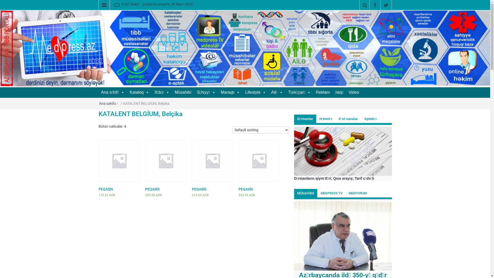 This screenshot has height=278, width=494. Describe the element at coordinates (255, 92) in the screenshot. I see `'Lifestyle'` at that location.